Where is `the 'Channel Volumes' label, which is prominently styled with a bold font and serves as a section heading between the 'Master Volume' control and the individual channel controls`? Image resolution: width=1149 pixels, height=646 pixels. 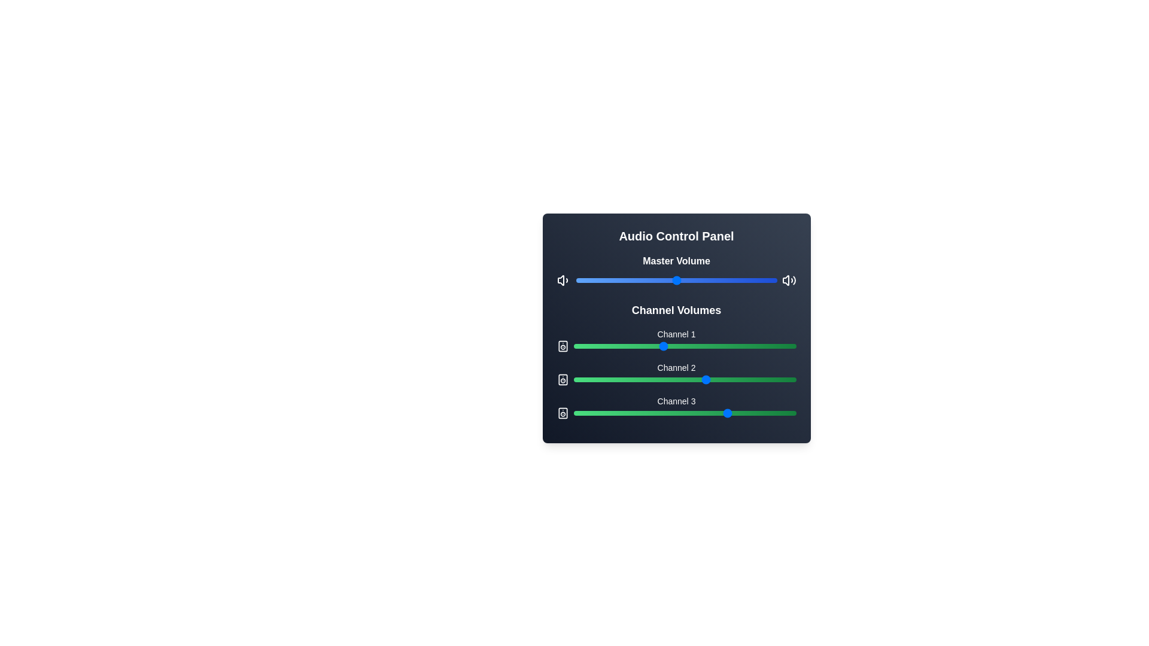
the 'Channel Volumes' label, which is prominently styled with a bold font and serves as a section heading between the 'Master Volume' control and the individual channel controls is located at coordinates (676, 310).